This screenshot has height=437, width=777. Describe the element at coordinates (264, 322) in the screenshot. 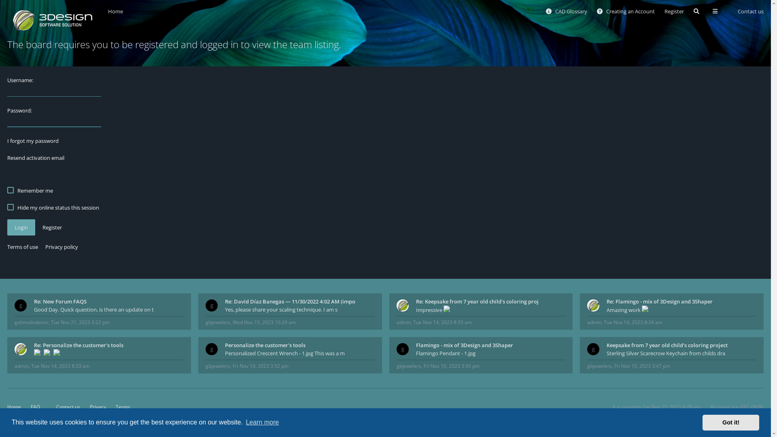

I see `'Wed Nov 15, 2023 10:29 am'` at that location.